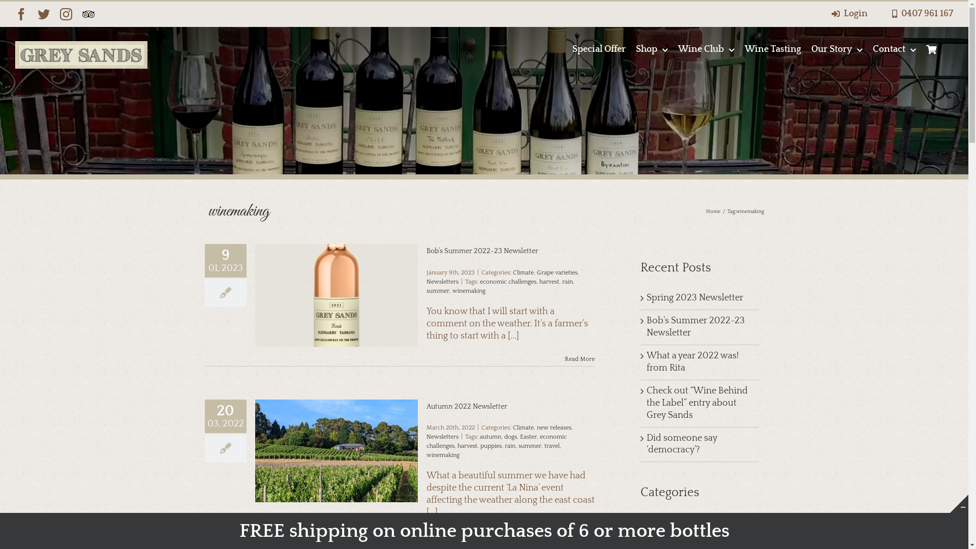 This screenshot has height=549, width=976. Describe the element at coordinates (437, 291) in the screenshot. I see `'summer'` at that location.